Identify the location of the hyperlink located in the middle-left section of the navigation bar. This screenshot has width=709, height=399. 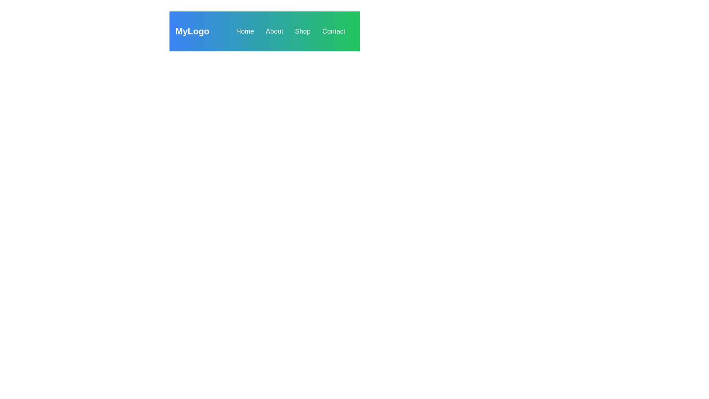
(245, 31).